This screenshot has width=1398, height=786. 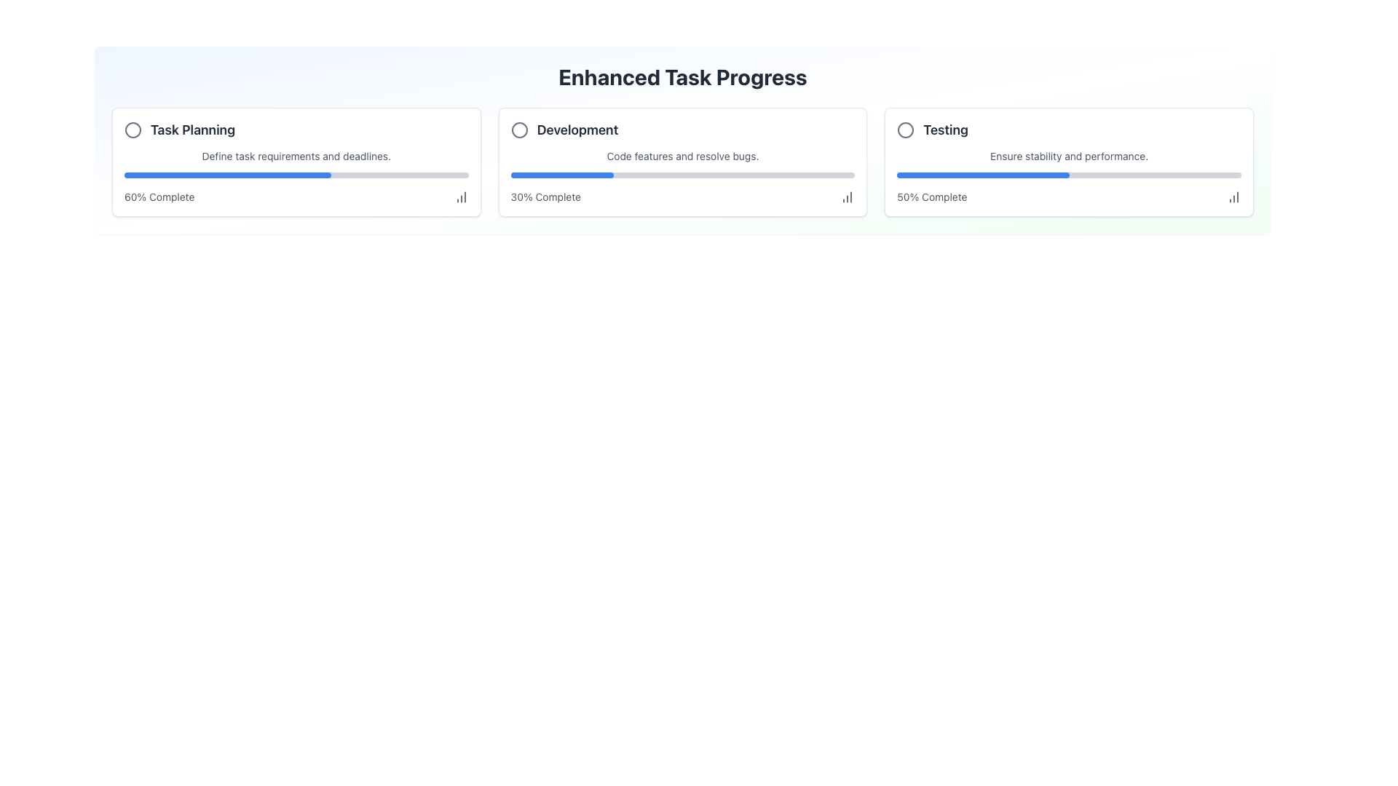 I want to click on the icon located at the bottom-right of the 'Testing' card, which indicates access to chart or statistical data related to the progress of the 'Testing' task, so click(x=1233, y=196).